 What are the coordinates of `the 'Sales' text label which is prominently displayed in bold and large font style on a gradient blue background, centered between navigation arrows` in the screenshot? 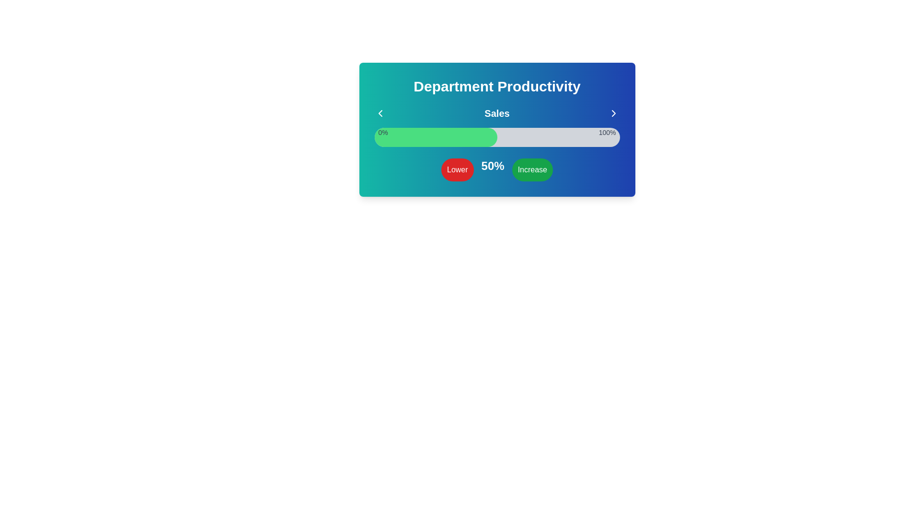 It's located at (497, 112).